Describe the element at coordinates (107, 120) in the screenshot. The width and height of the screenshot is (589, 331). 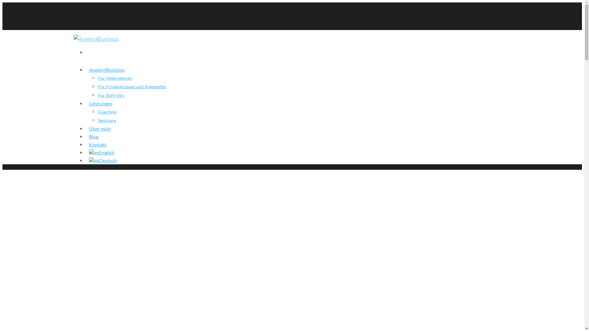
I see `'Seminare'` at that location.